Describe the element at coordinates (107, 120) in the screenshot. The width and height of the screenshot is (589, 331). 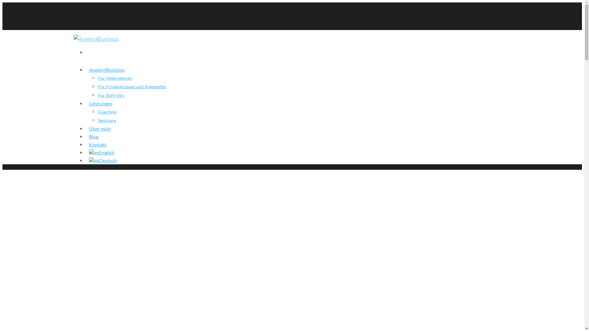
I see `'Seminare'` at that location.